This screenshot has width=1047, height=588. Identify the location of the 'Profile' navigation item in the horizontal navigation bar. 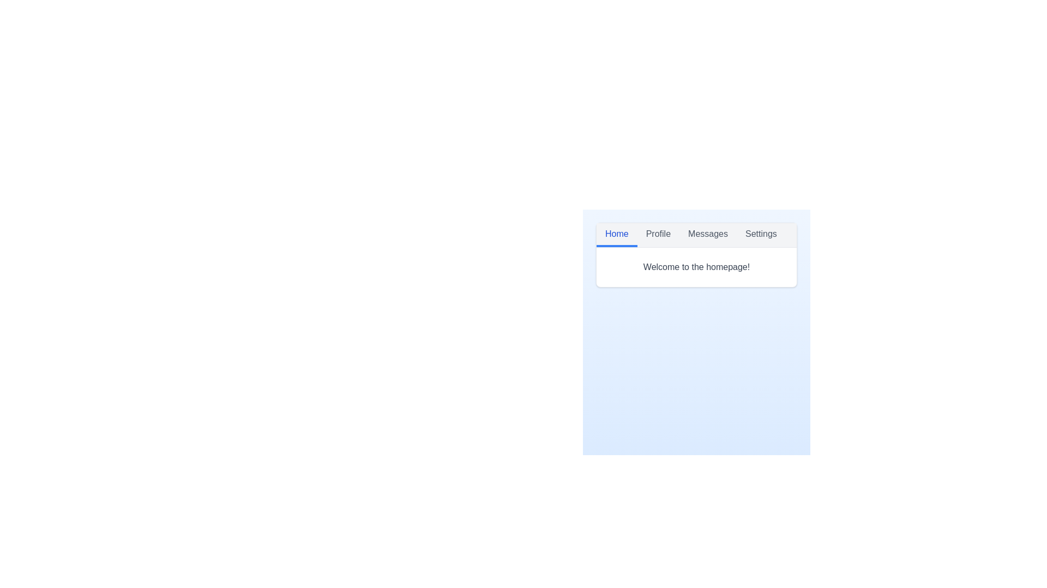
(657, 235).